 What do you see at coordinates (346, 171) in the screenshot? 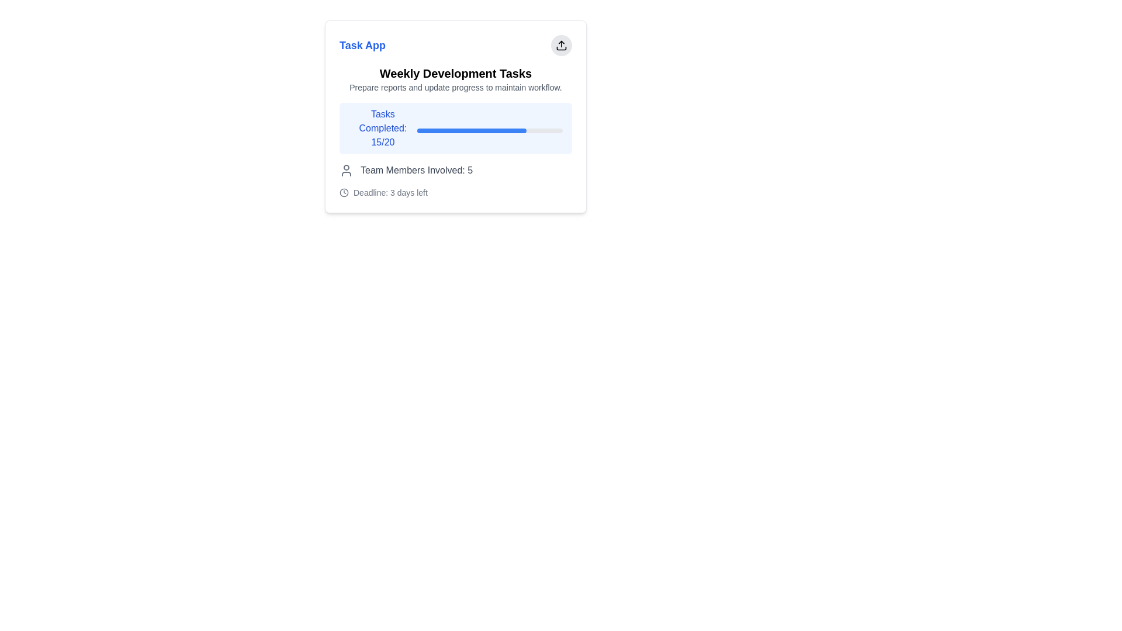
I see `the simplified human figure icon representing a user profile avatar, located at the top-left corner relative to the text 'Team Members Involved: 5'` at bounding box center [346, 171].